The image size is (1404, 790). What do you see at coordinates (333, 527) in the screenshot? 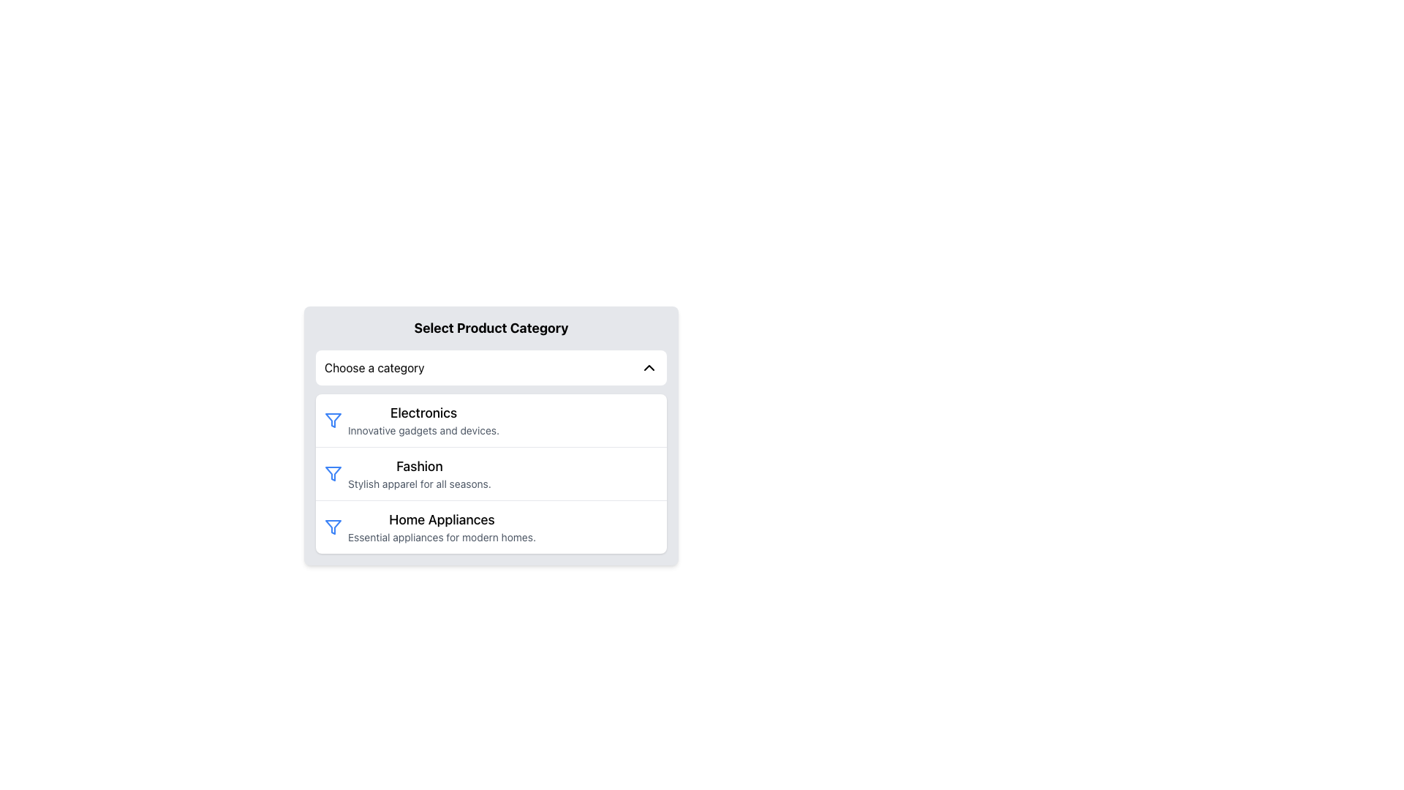
I see `the icon representing the 'Home Appliances' filtered option in the drop-down menu under 'Select Product Category'` at bounding box center [333, 527].